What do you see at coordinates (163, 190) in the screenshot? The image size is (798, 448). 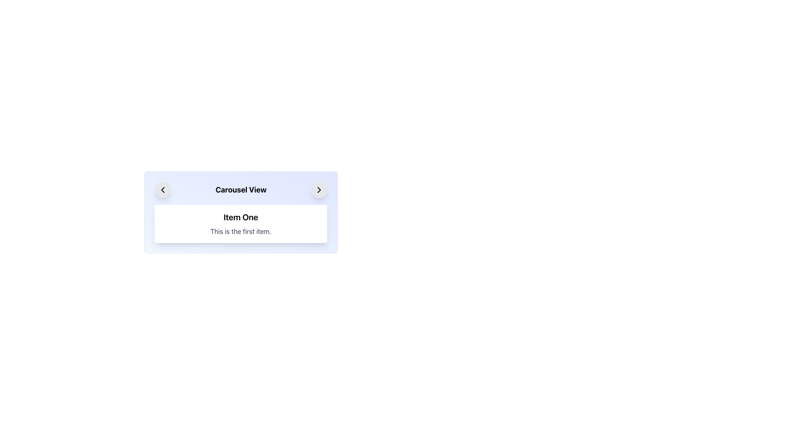 I see `the previous navigation button located on the left side of the header area for the 'Carousel View' section` at bounding box center [163, 190].